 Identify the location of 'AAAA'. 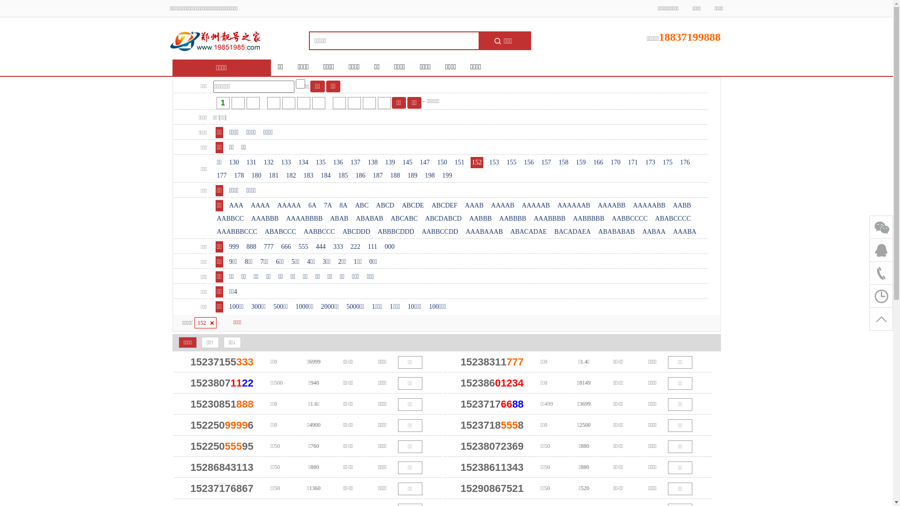
(260, 205).